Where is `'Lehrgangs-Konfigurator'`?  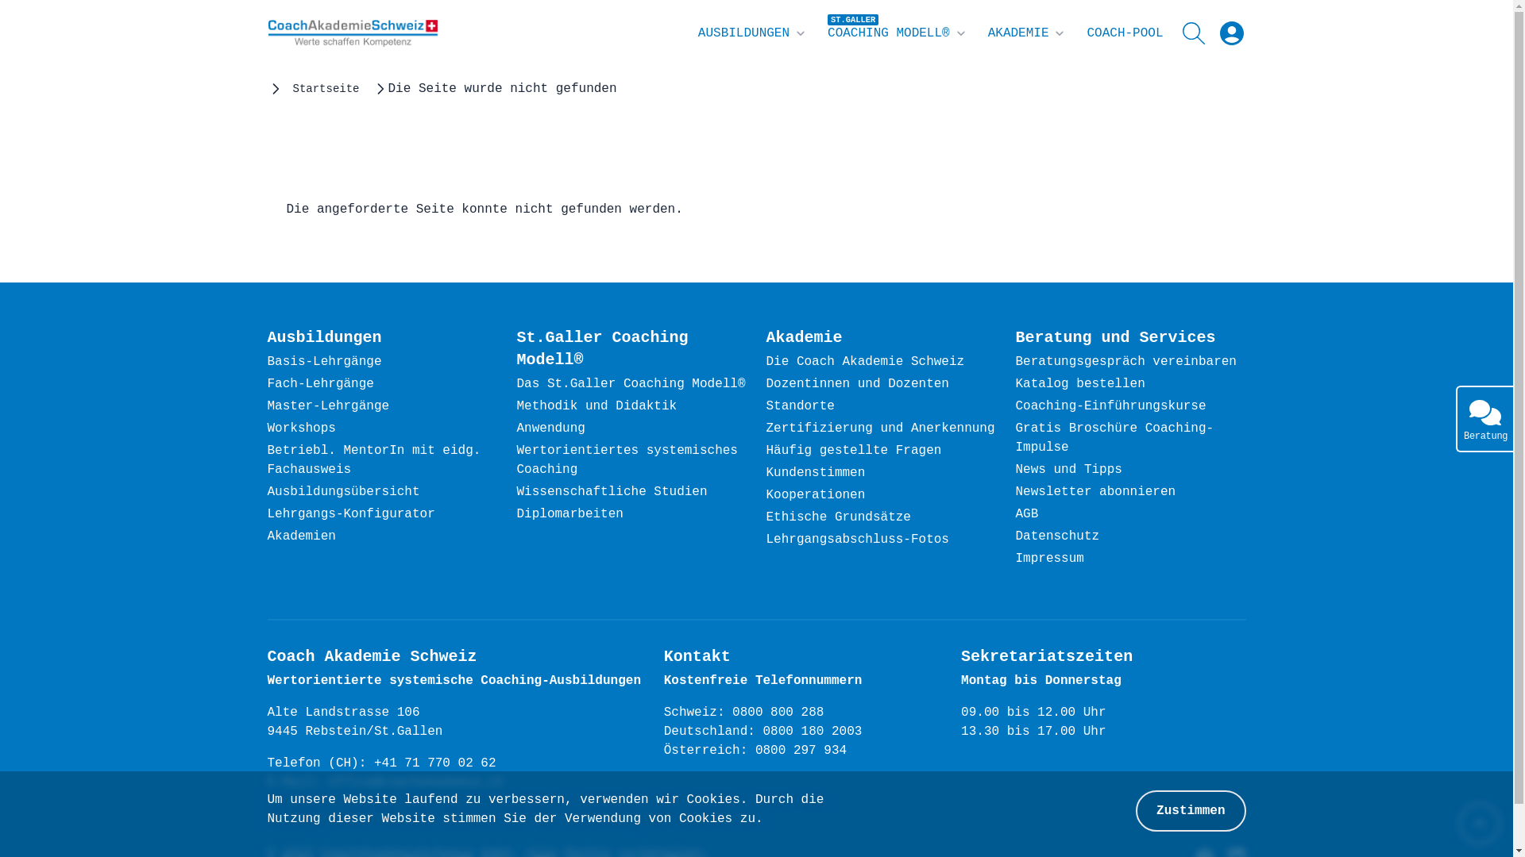
'Lehrgangs-Konfigurator' is located at coordinates (267, 514).